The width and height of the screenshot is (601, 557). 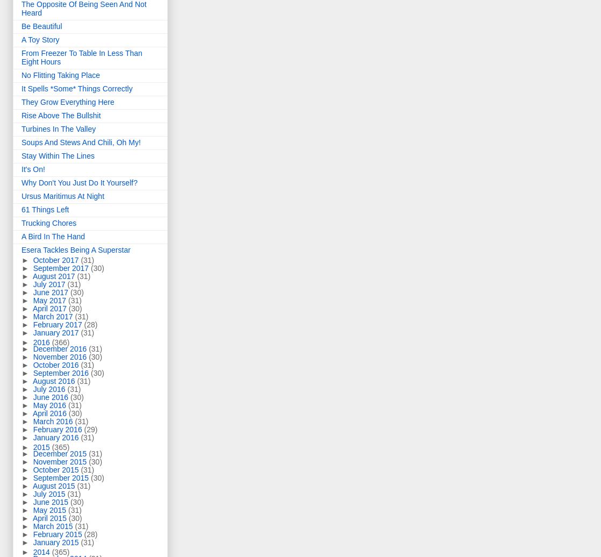 What do you see at coordinates (50, 284) in the screenshot?
I see `'July 2017'` at bounding box center [50, 284].